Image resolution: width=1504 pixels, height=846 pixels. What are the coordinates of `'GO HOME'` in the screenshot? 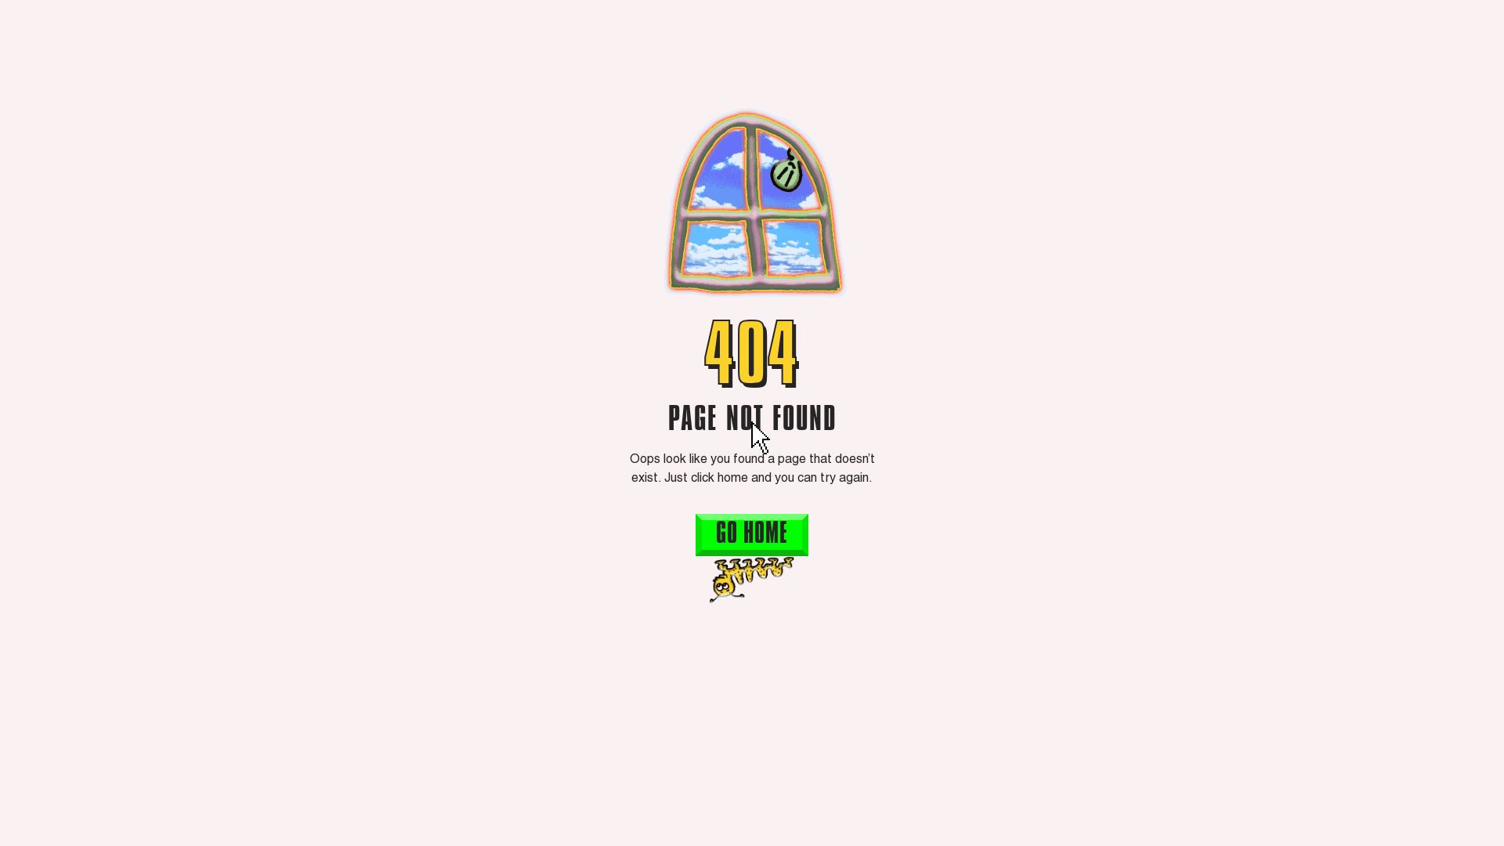 It's located at (752, 533).